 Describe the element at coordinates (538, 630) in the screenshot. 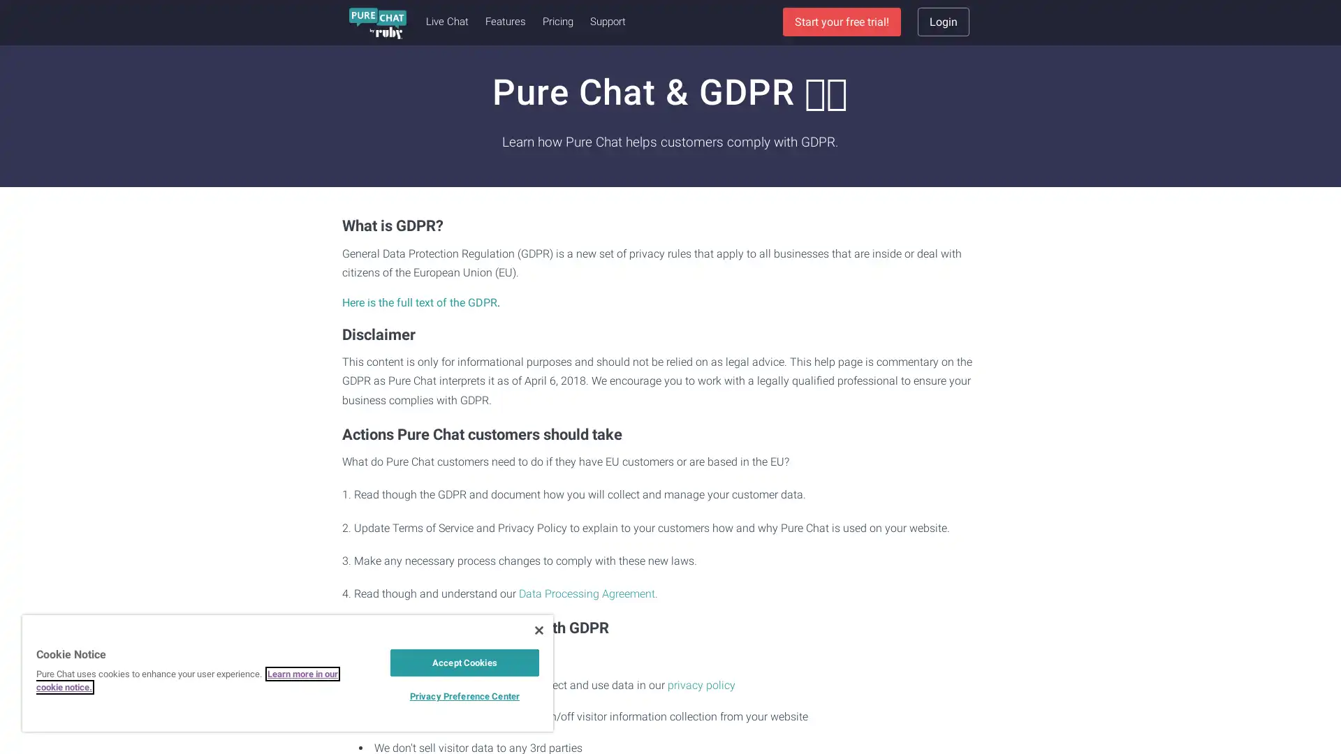

I see `Close` at that location.